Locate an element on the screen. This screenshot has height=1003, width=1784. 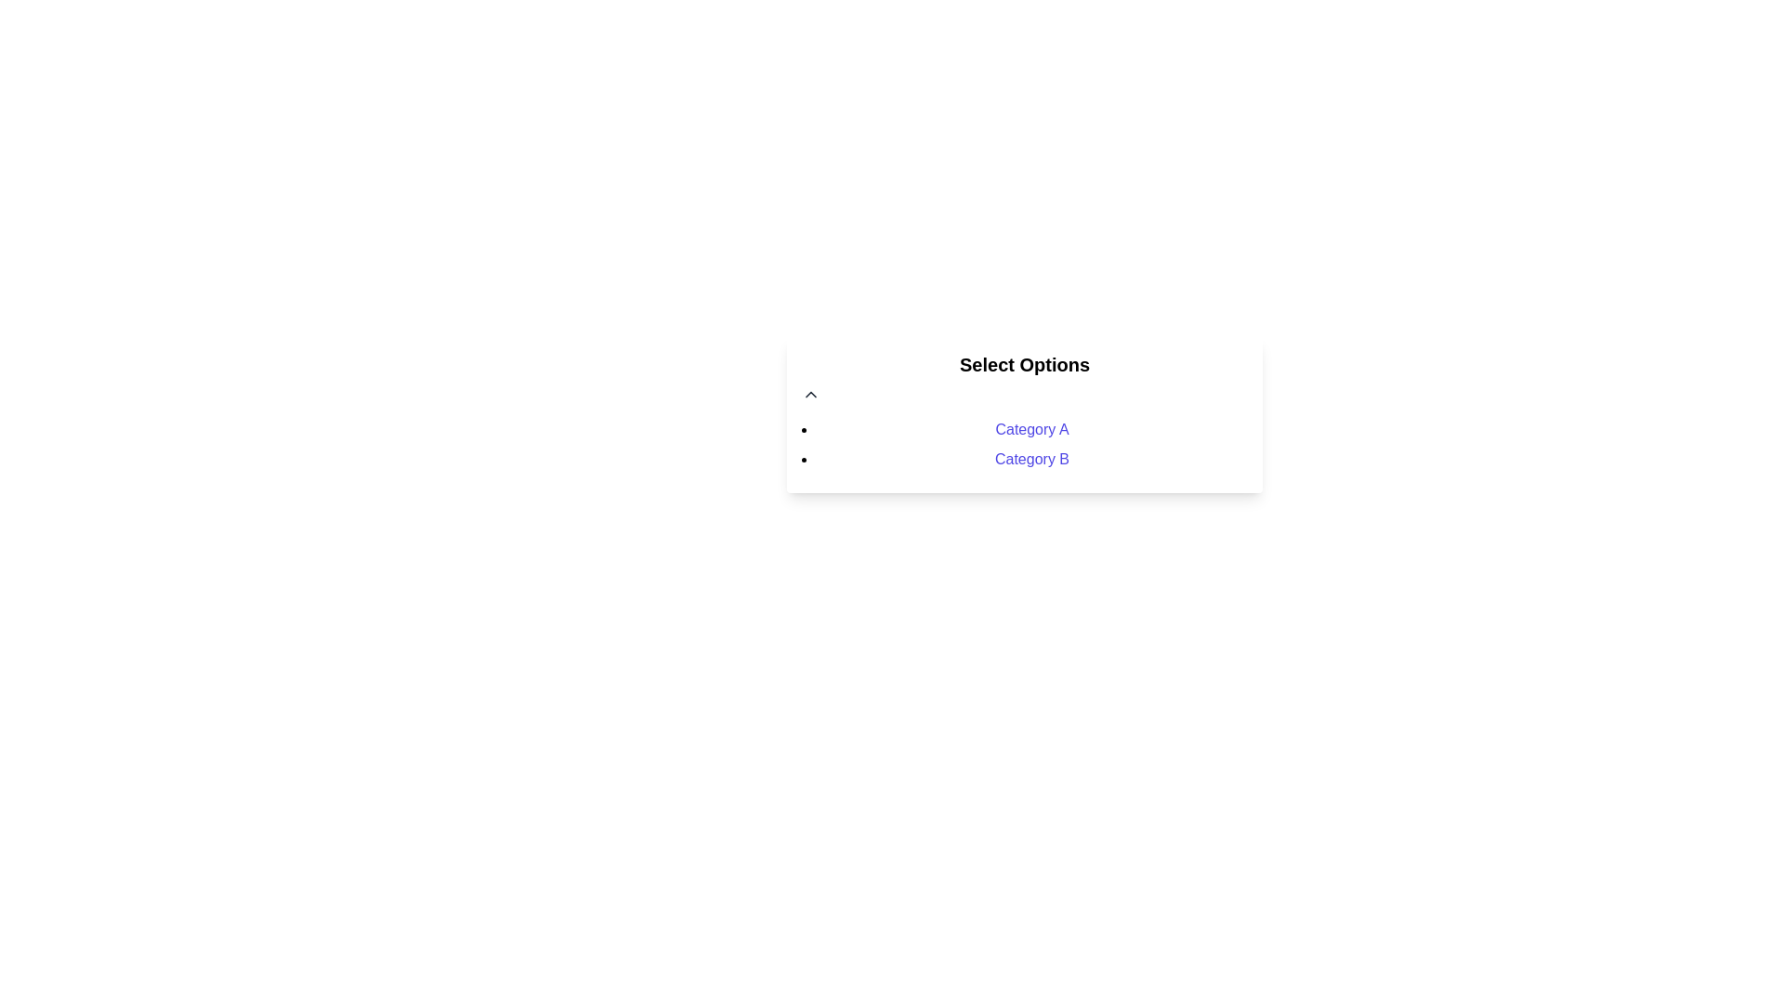
the prominent 'Select Options' text header, styled in bold and black, located at the top of the selection menu is located at coordinates (1024, 365).